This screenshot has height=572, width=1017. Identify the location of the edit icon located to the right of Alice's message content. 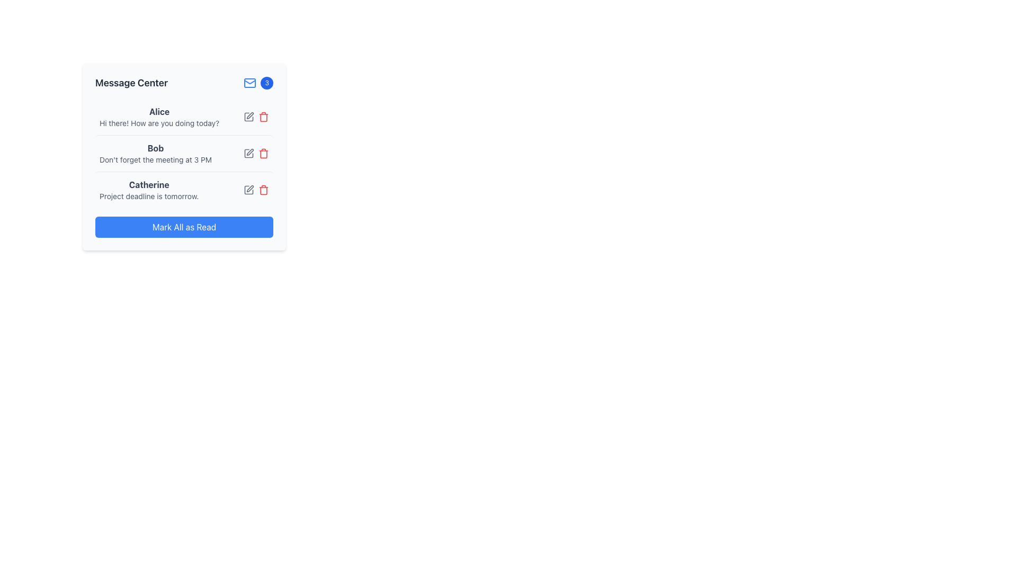
(248, 117).